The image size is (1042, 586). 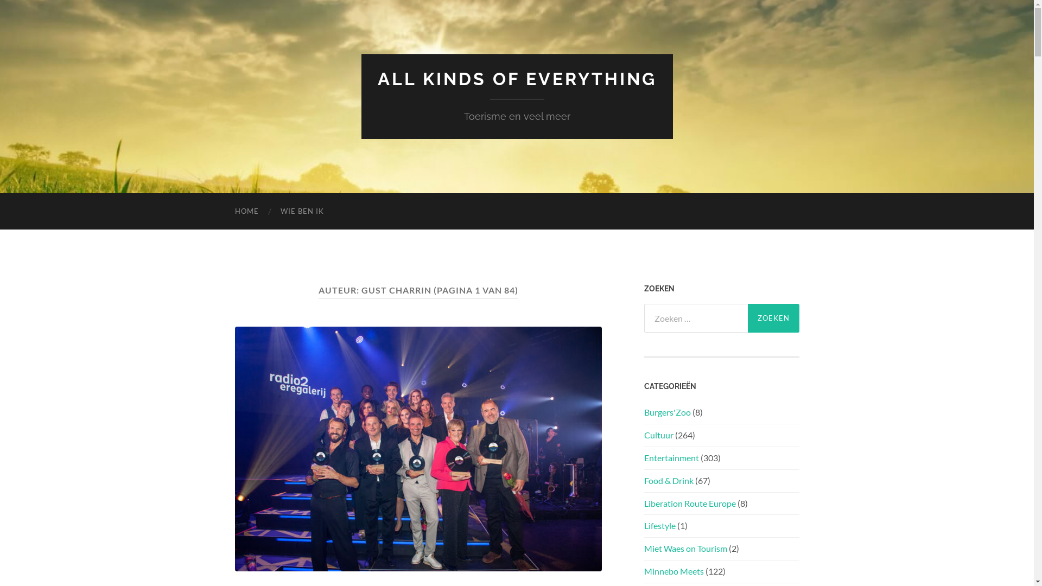 What do you see at coordinates (517, 78) in the screenshot?
I see `'ALL KINDS OF EVERYTHING'` at bounding box center [517, 78].